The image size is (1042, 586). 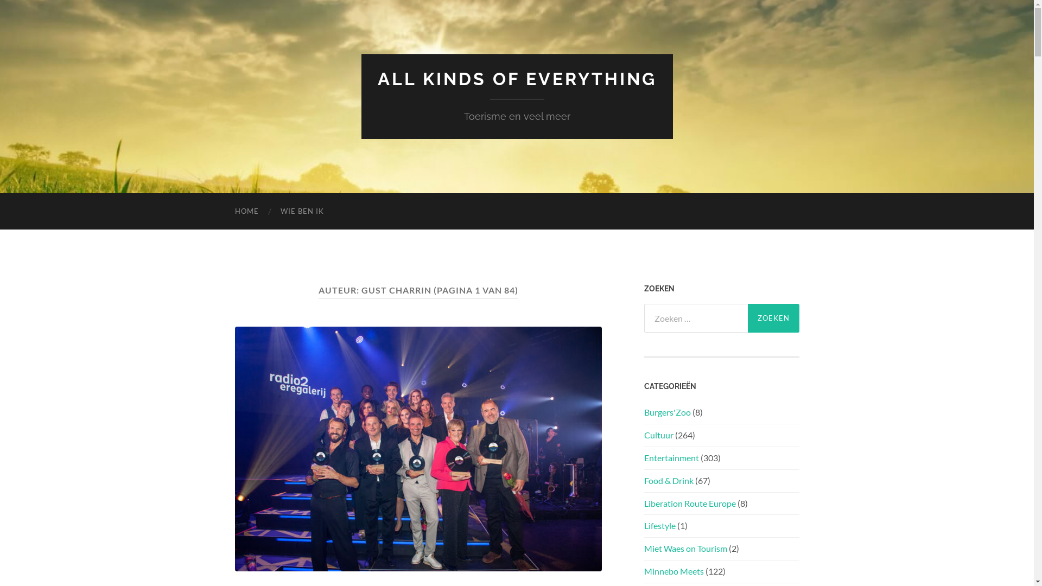 What do you see at coordinates (517, 78) in the screenshot?
I see `'ALL KINDS OF EVERYTHING'` at bounding box center [517, 78].